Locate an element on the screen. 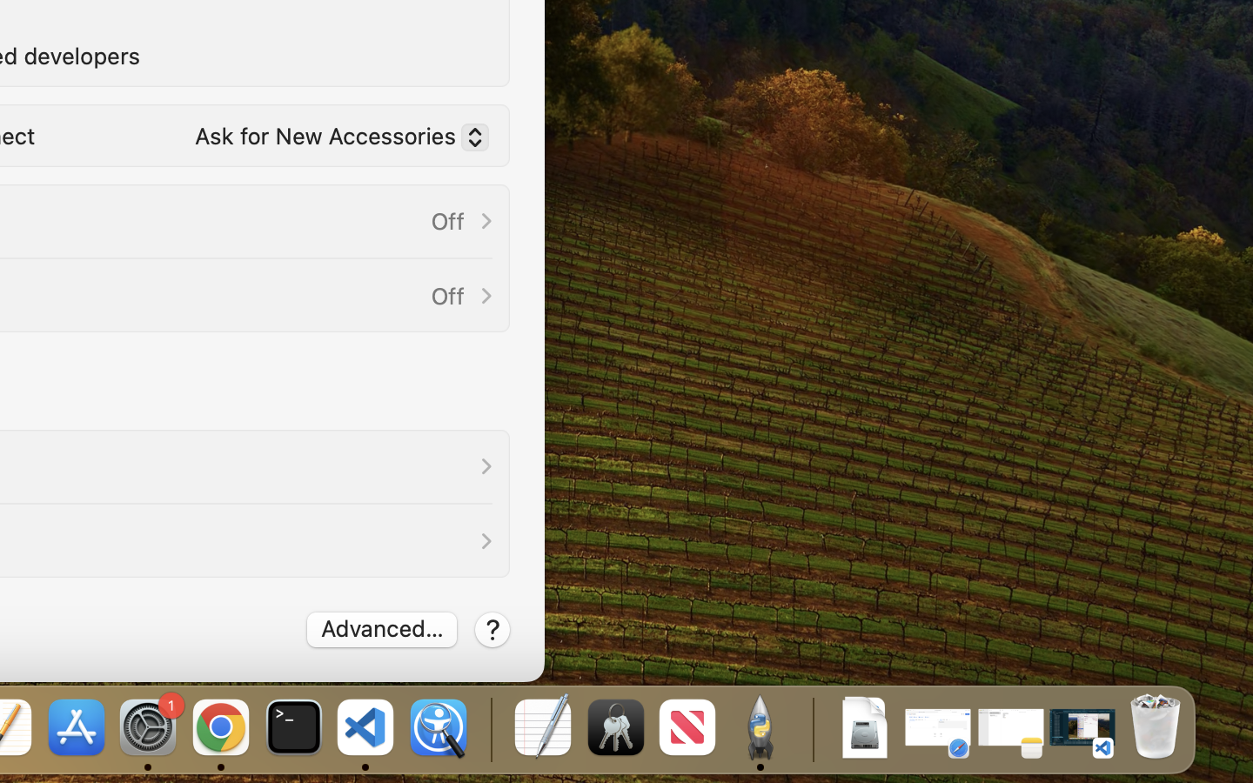  'Ask for New Accessories' is located at coordinates (334, 140).